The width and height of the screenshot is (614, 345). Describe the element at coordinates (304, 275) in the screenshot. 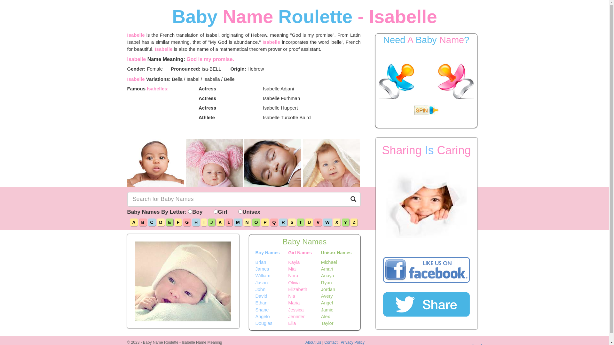

I see `'Nora'` at that location.